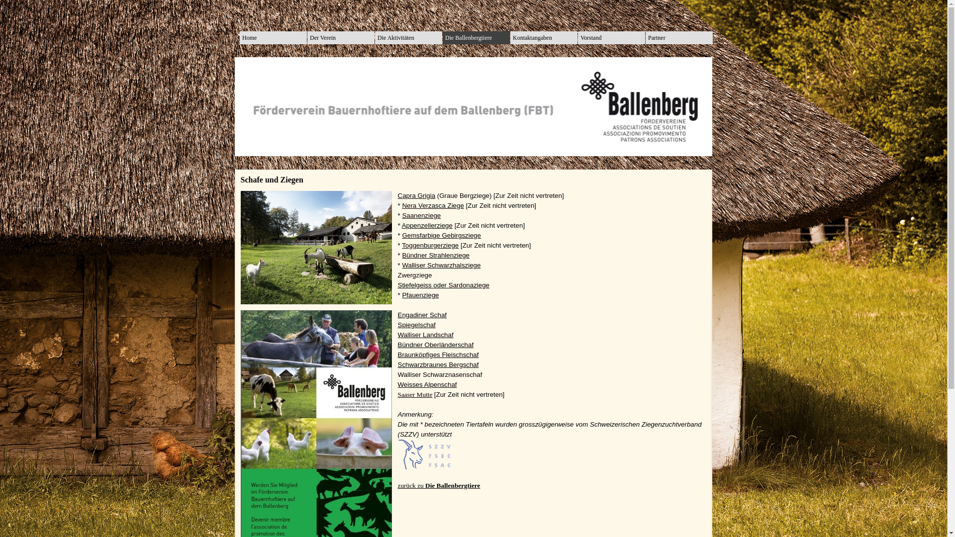 Image resolution: width=955 pixels, height=537 pixels. I want to click on 'Gemsfarbige Gebirgsziege', so click(401, 235).